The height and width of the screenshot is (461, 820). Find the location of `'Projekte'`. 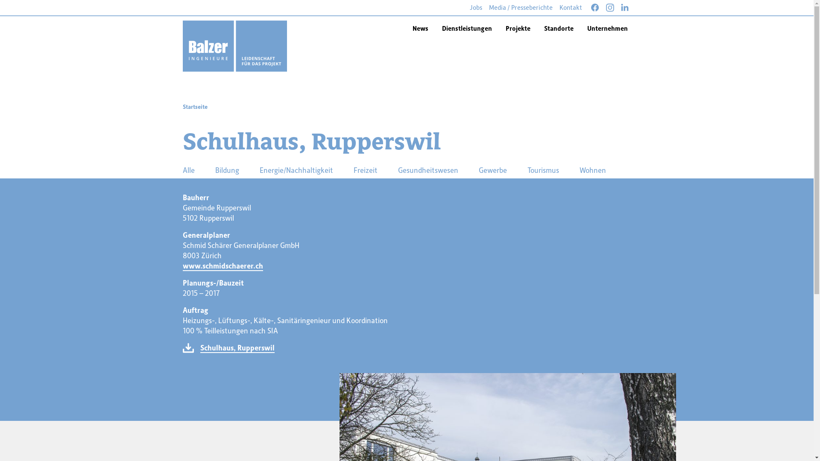

'Projekte' is located at coordinates (518, 27).